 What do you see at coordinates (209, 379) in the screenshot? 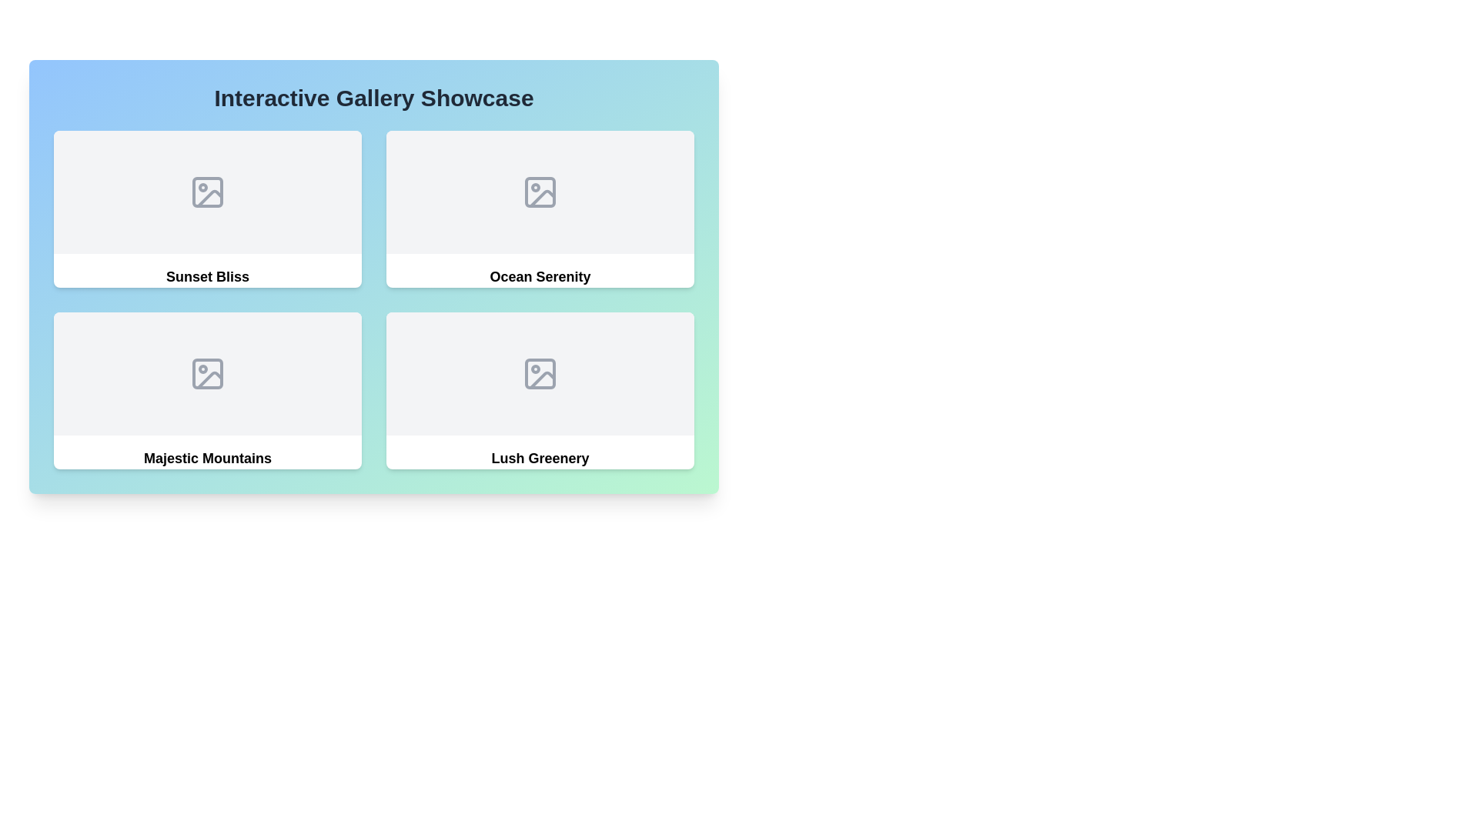
I see `the slanted line icon within the 'Majestic Mountains' card's square image placeholder, which is rendered in gray color` at bounding box center [209, 379].